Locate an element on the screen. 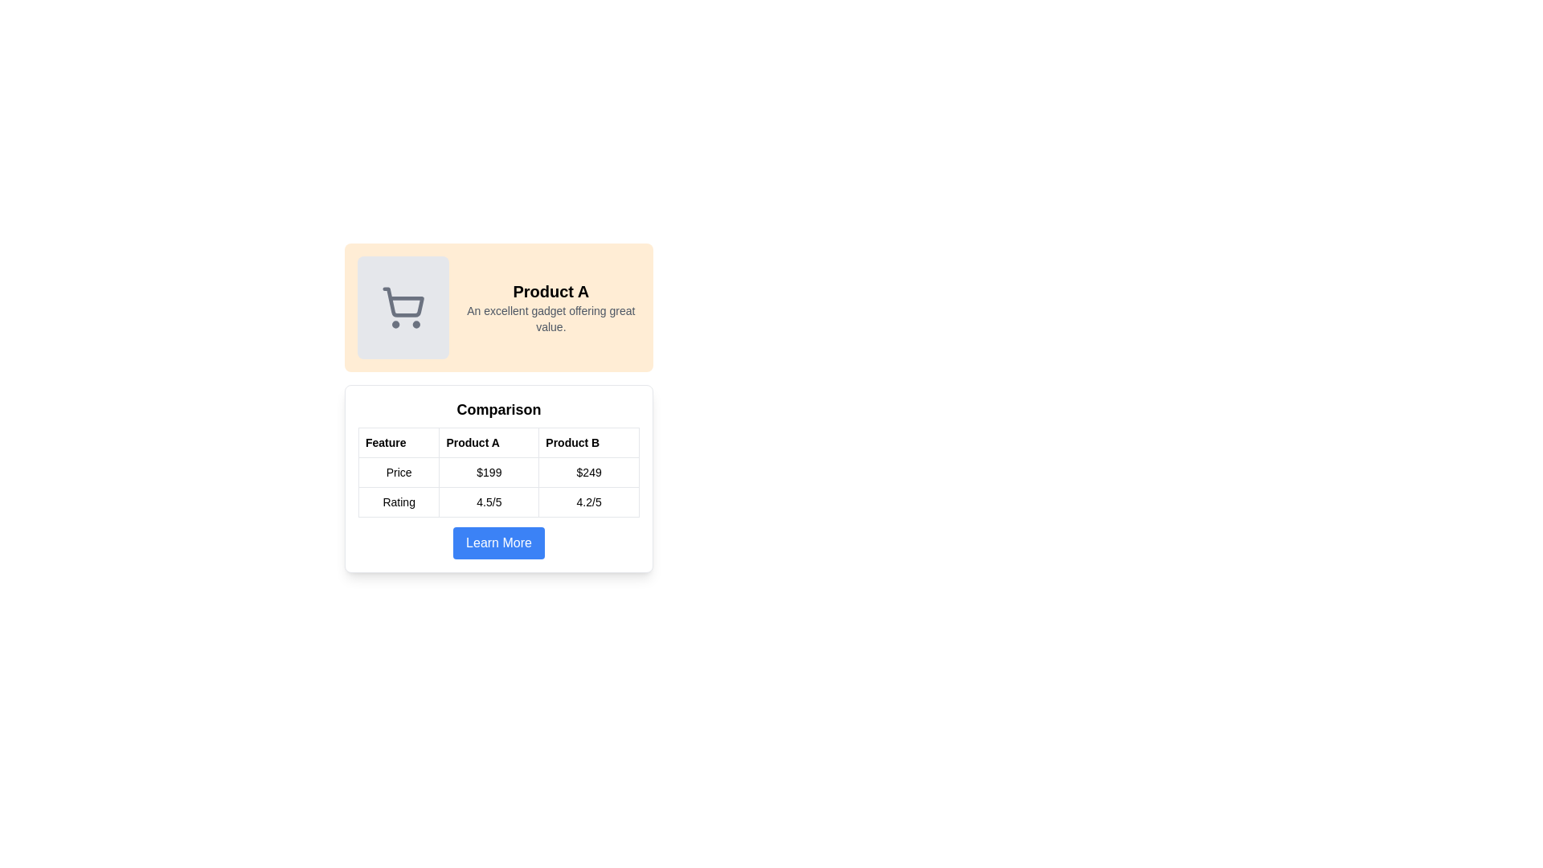 The height and width of the screenshot is (868, 1543). the header text that labels the first column of the comparison table, located at the far-left position in the row of headers is located at coordinates (399, 443).